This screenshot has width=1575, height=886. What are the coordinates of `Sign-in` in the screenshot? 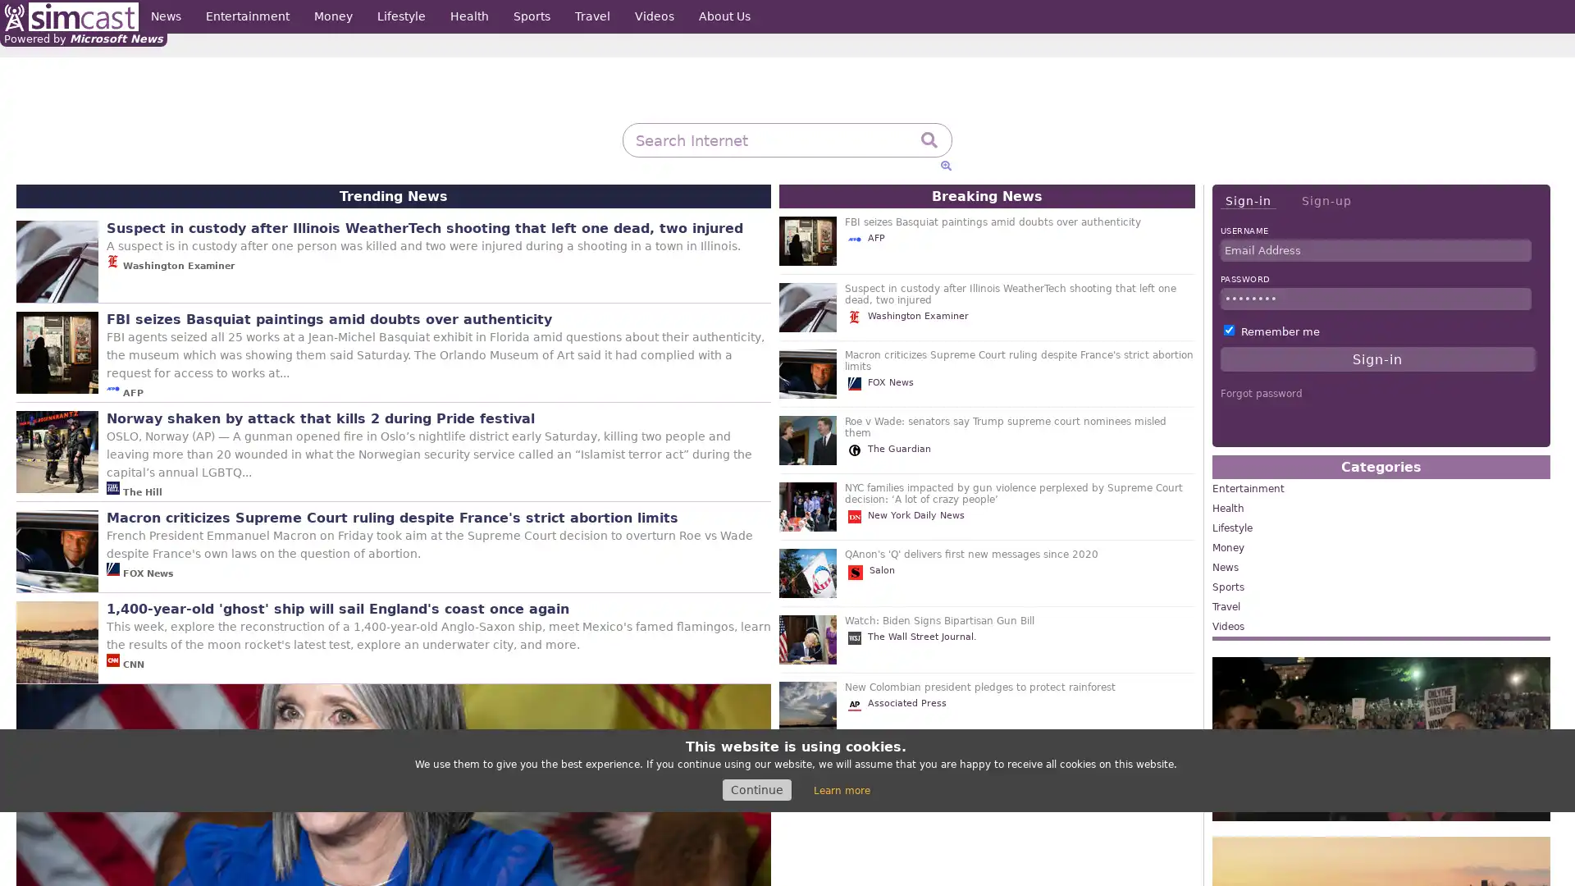 It's located at (1377, 359).